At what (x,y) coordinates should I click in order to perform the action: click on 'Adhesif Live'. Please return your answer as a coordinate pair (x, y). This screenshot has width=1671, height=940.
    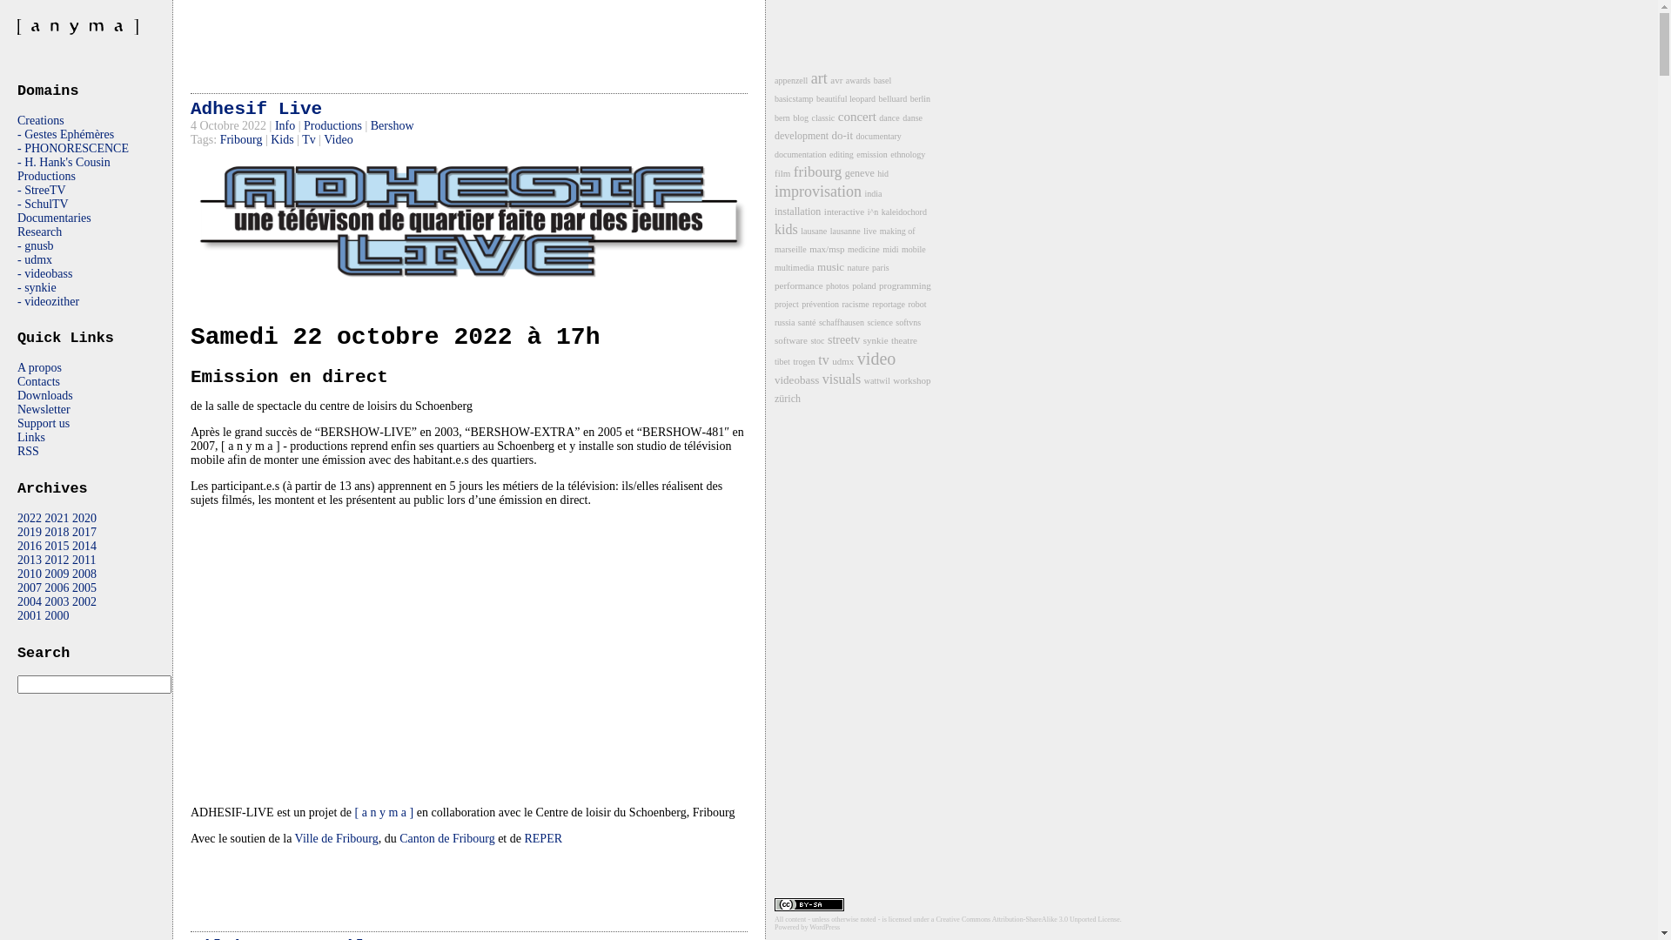
    Looking at the image, I should click on (255, 109).